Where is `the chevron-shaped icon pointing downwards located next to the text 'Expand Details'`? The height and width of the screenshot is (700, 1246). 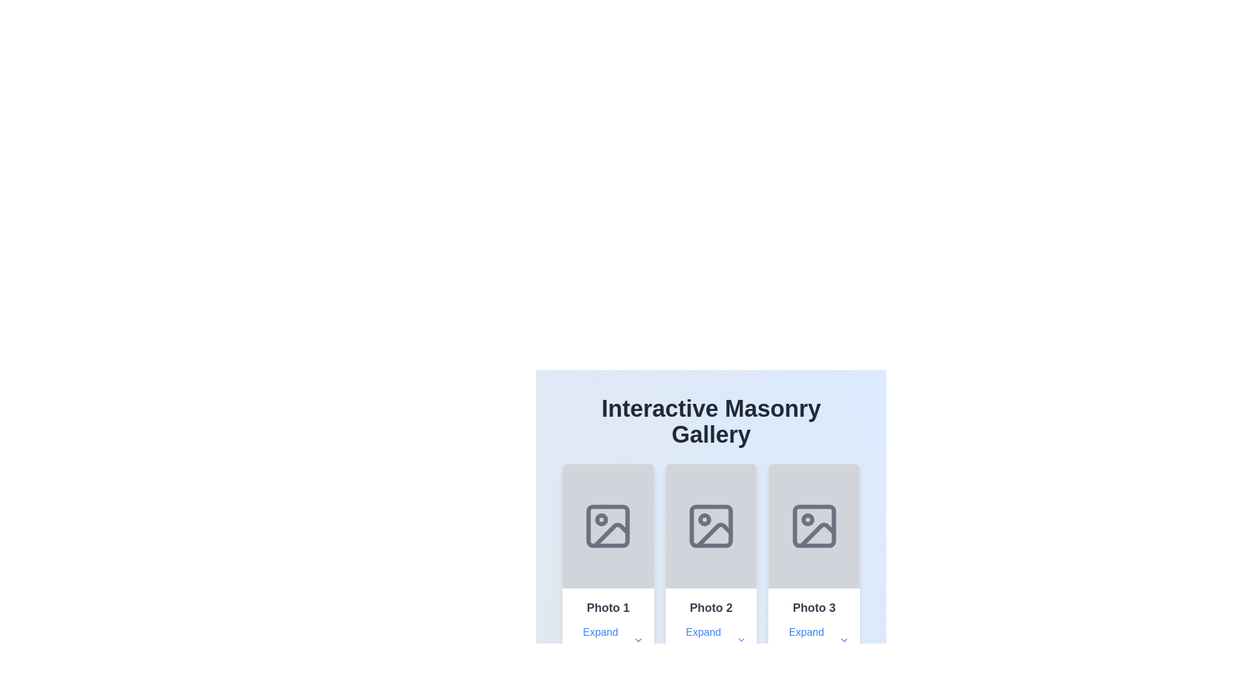 the chevron-shaped icon pointing downwards located next to the text 'Expand Details' is located at coordinates (638, 639).